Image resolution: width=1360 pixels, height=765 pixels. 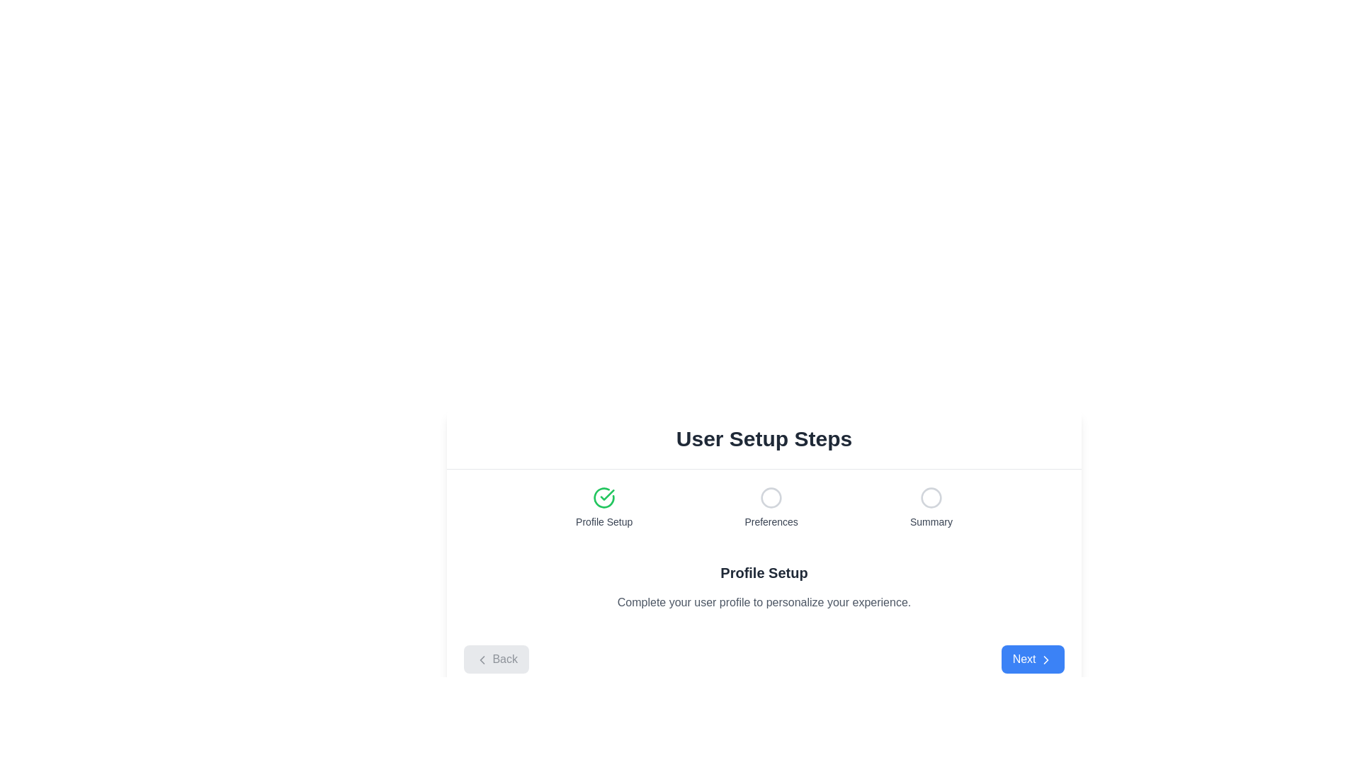 What do you see at coordinates (604, 521) in the screenshot?
I see `the information displayed in the 'Profile Setup' text label` at bounding box center [604, 521].